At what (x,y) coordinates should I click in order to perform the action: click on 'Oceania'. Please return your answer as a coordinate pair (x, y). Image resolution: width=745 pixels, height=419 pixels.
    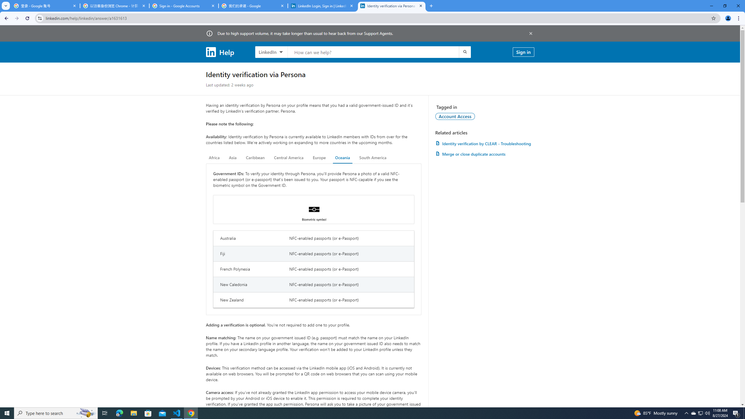
    Looking at the image, I should click on (342, 157).